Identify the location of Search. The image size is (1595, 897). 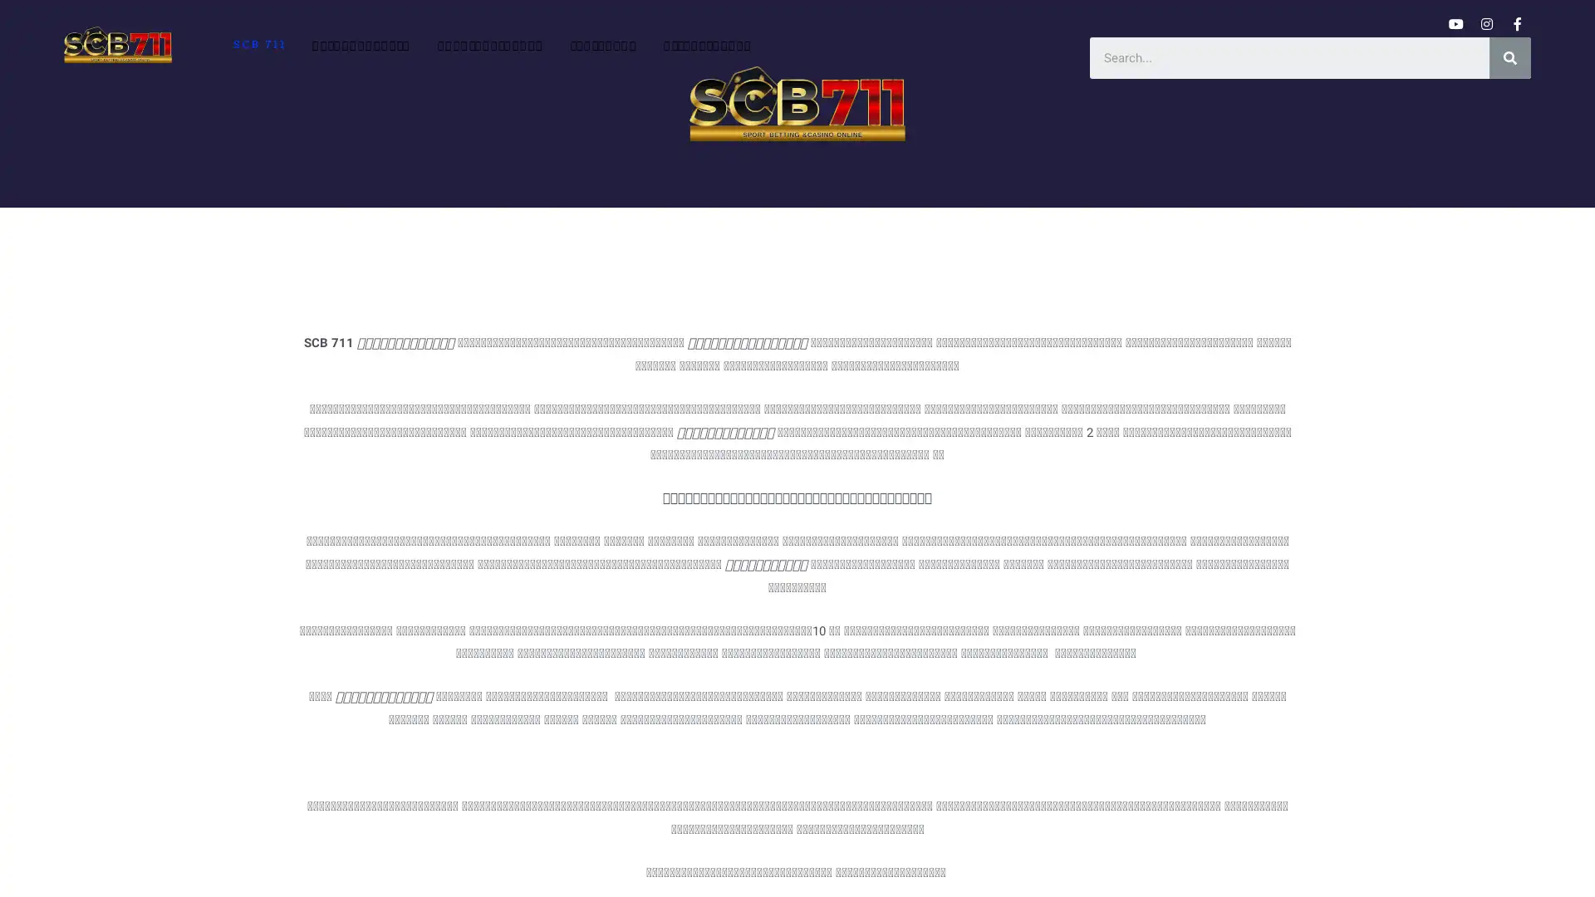
(1510, 56).